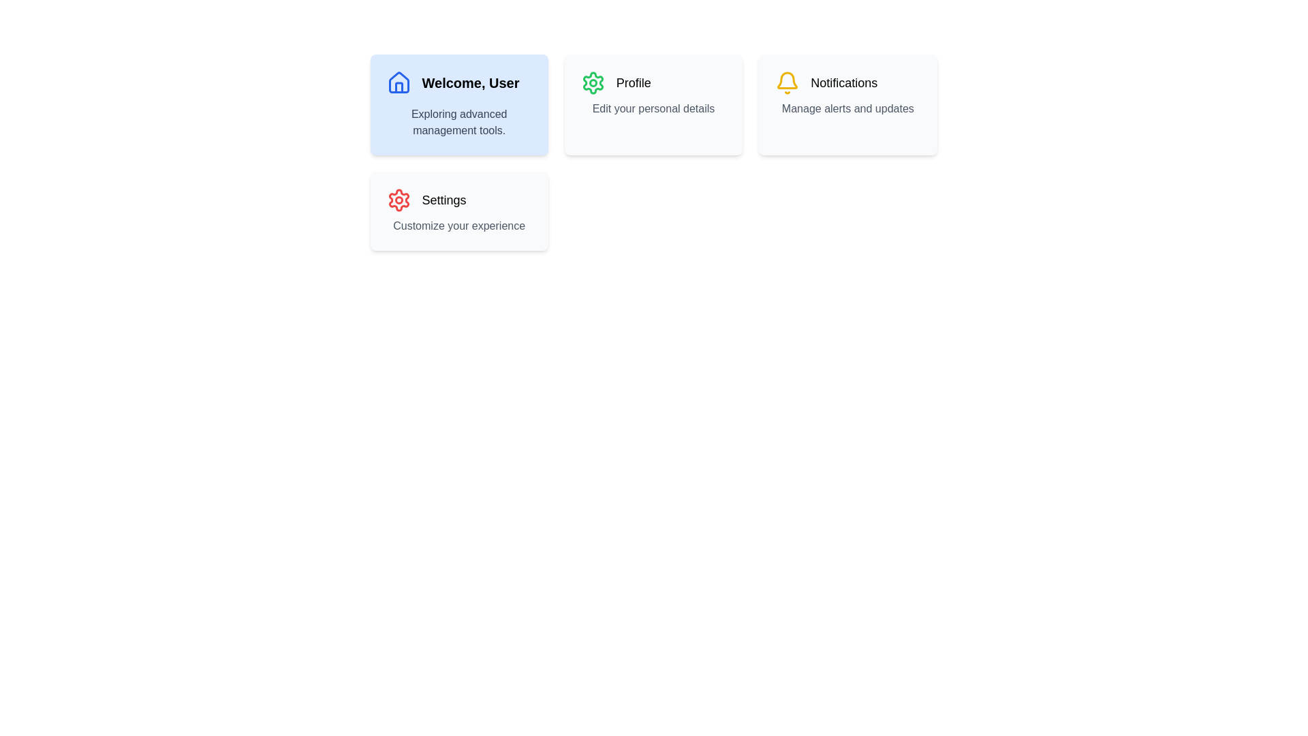  What do you see at coordinates (847, 83) in the screenshot?
I see `the 'Notifications' identifier element, which is a combination of a label and an icon located at the top center of the 'Notifications' card, to interact with adjacent elements` at bounding box center [847, 83].